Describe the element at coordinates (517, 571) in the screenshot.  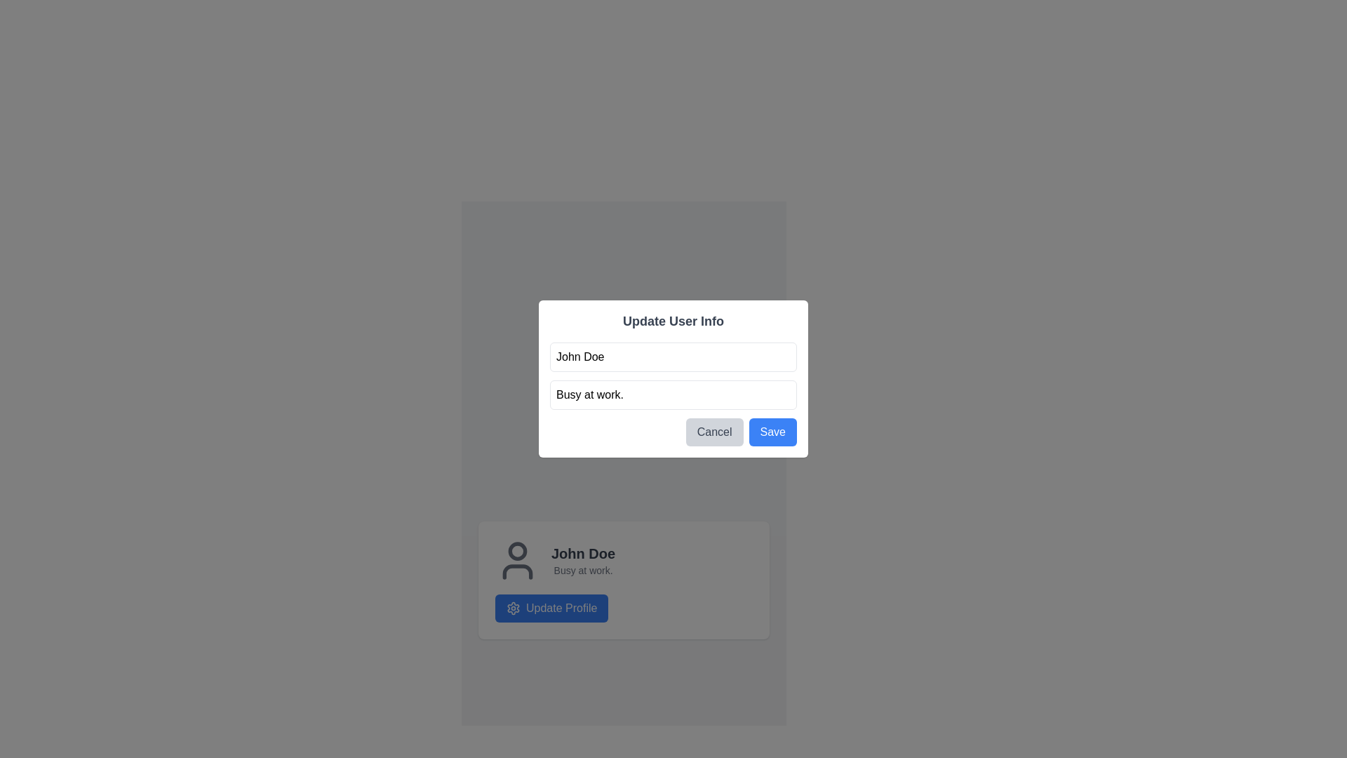
I see `the lower part of the user profile icon in the profile card located below the dialog box` at that location.